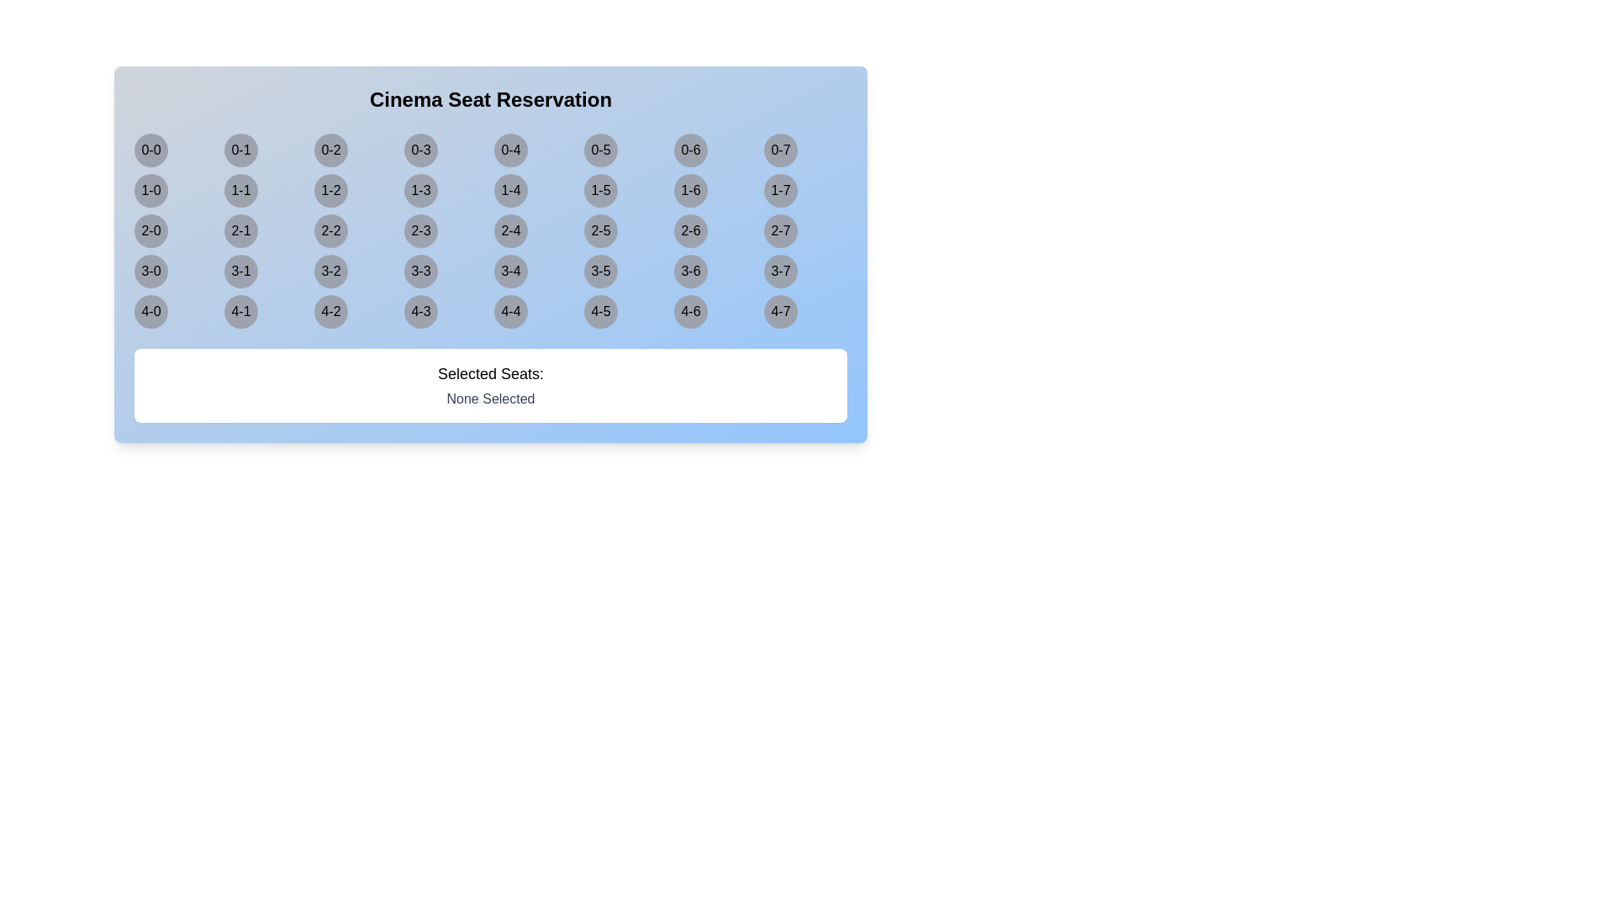  Describe the element at coordinates (601, 149) in the screenshot. I see `the seat selection button located in the first row, sixth column of the cinema reservation grid` at that location.